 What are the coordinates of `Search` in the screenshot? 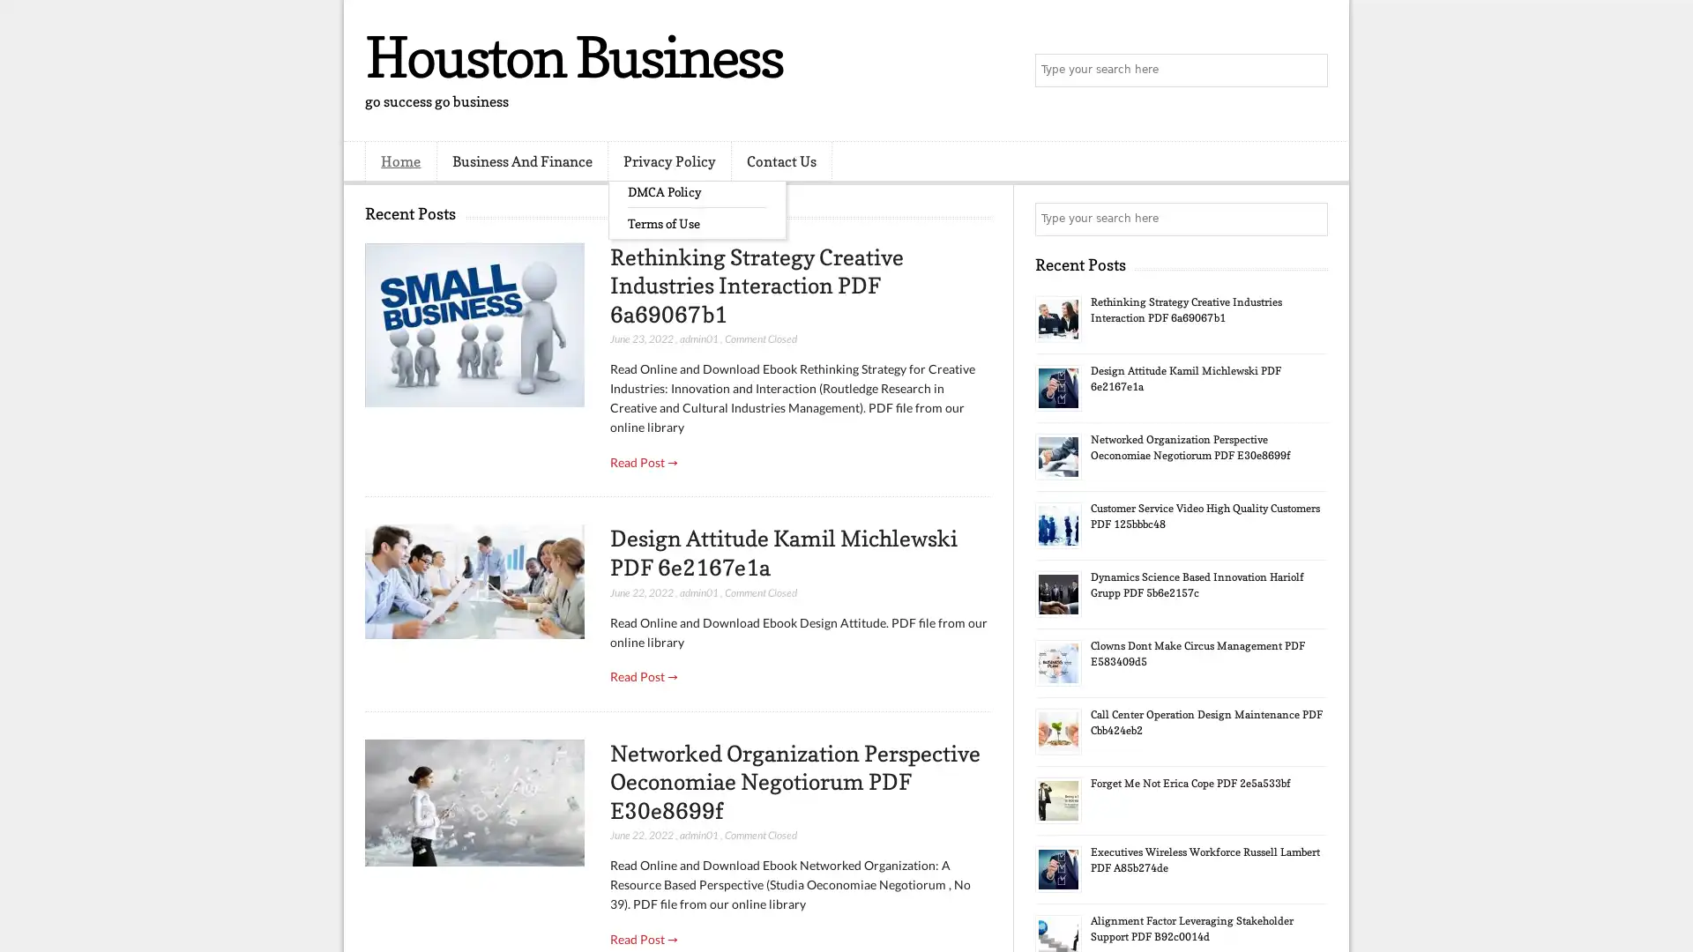 It's located at (1309, 219).